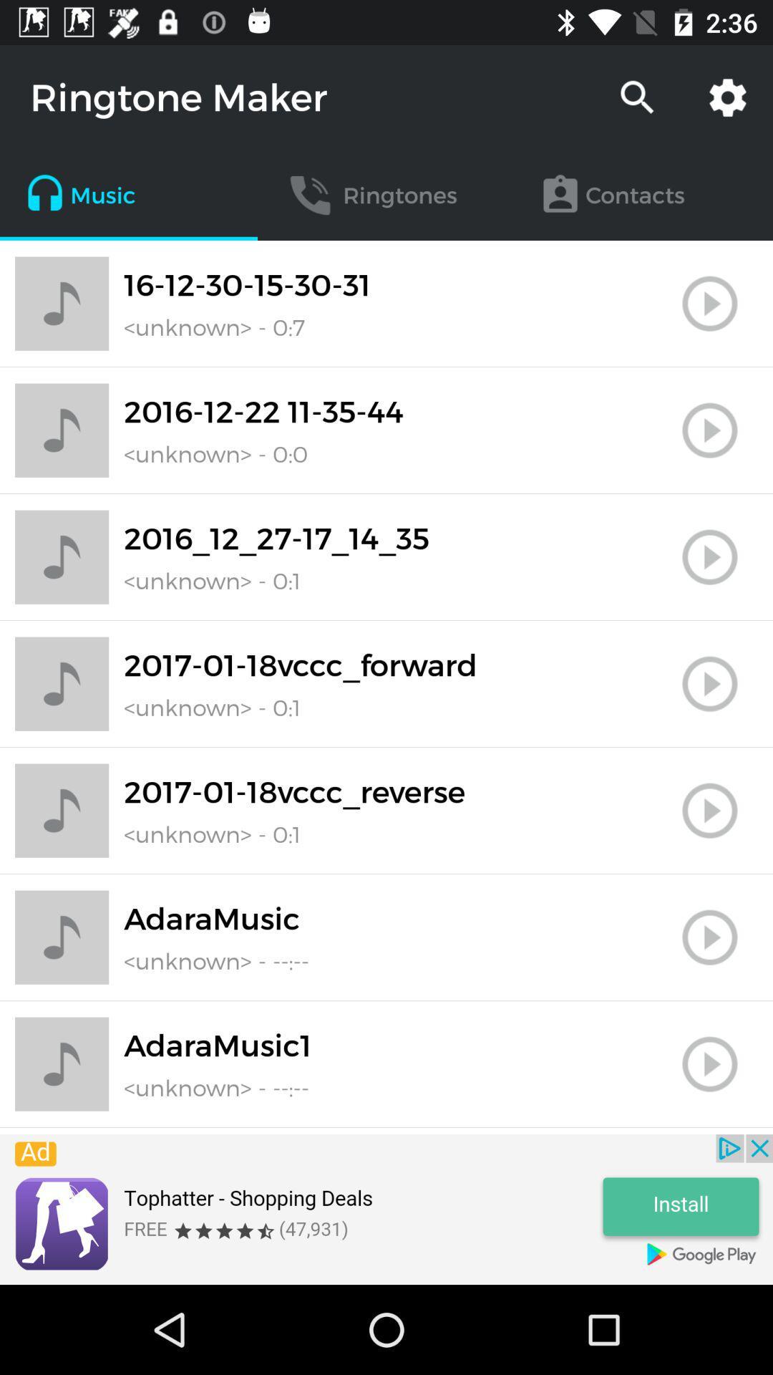  I want to click on stop button, so click(709, 556).